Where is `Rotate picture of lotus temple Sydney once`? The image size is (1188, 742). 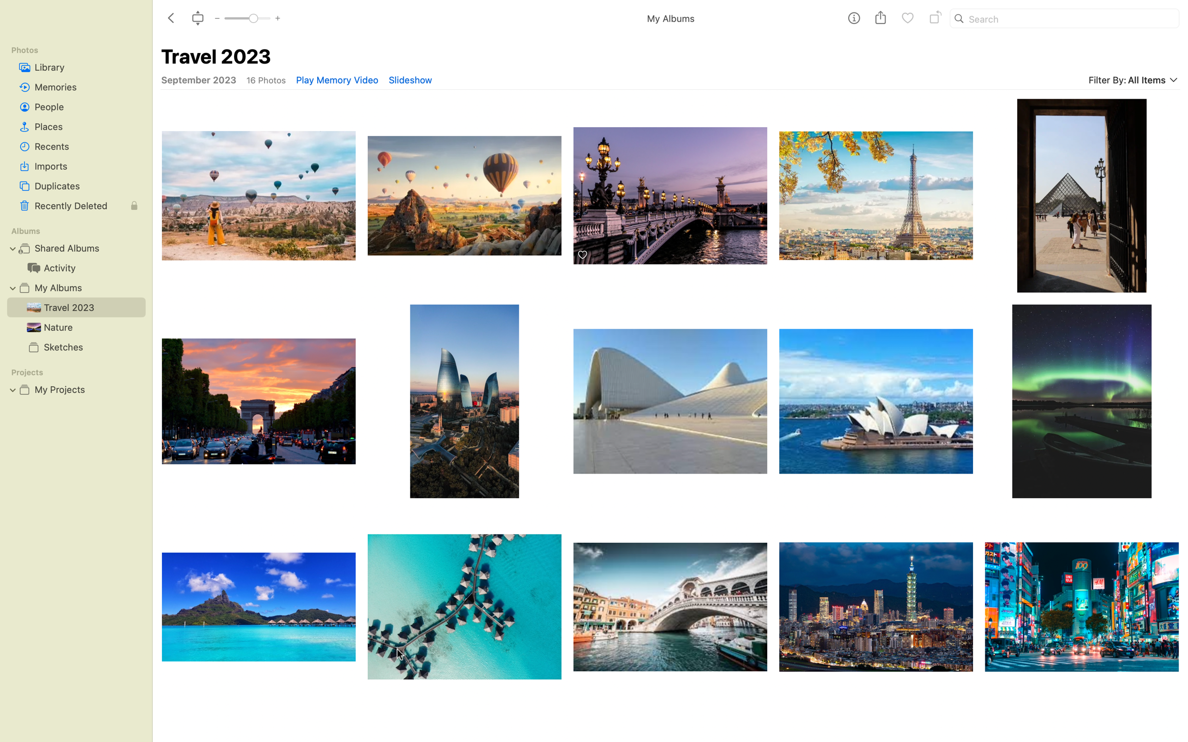 Rotate picture of lotus temple Sydney once is located at coordinates (876, 400).